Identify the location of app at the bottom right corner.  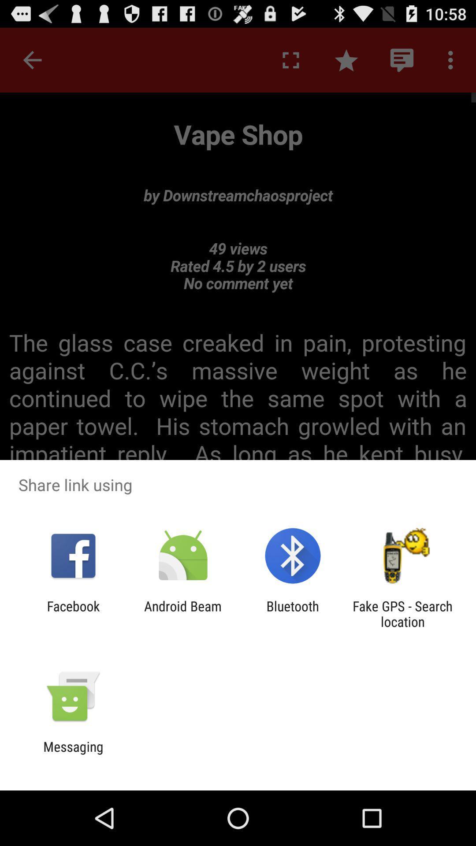
(402, 613).